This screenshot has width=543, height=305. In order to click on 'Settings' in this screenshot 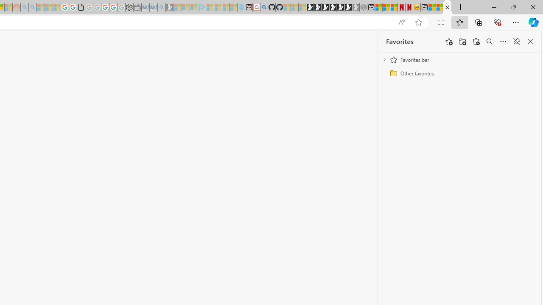, I will do `click(129, 7)`.